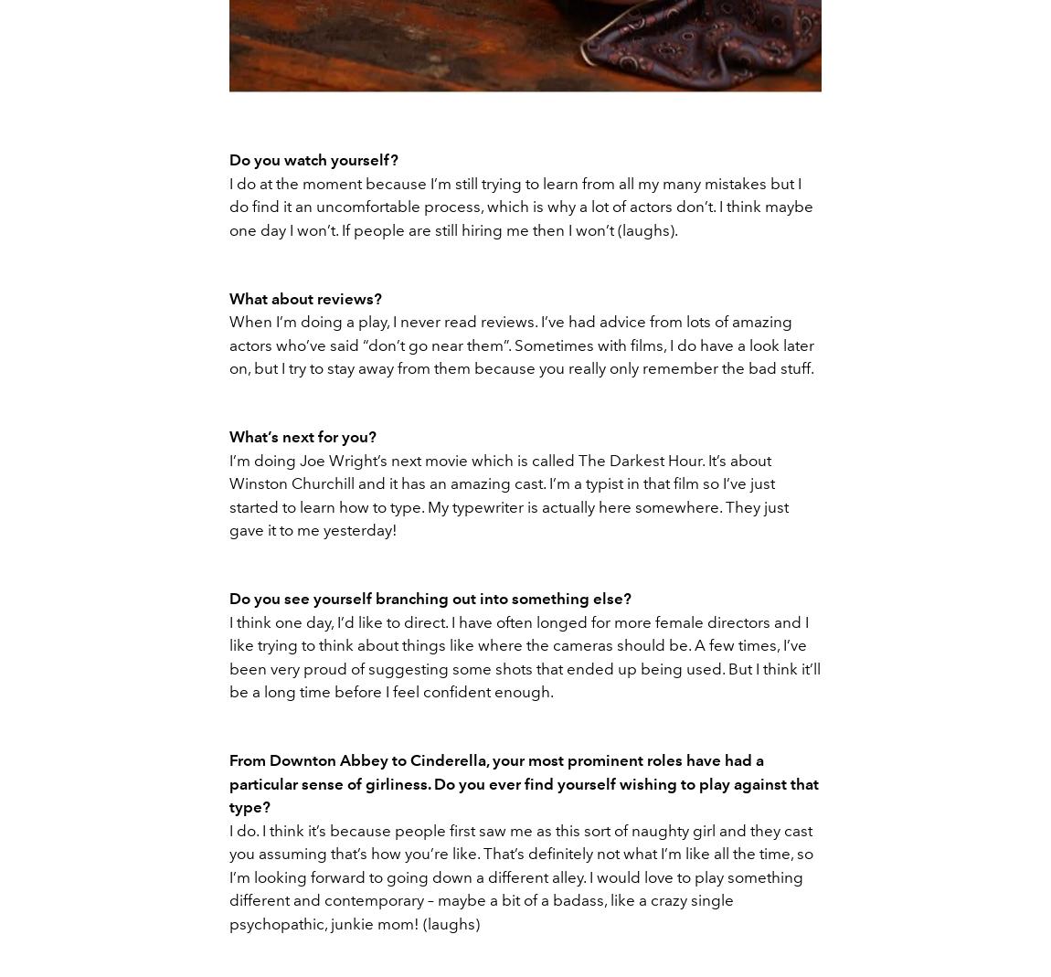 This screenshot has width=1051, height=977. I want to click on 'What about reviews?', so click(305, 298).